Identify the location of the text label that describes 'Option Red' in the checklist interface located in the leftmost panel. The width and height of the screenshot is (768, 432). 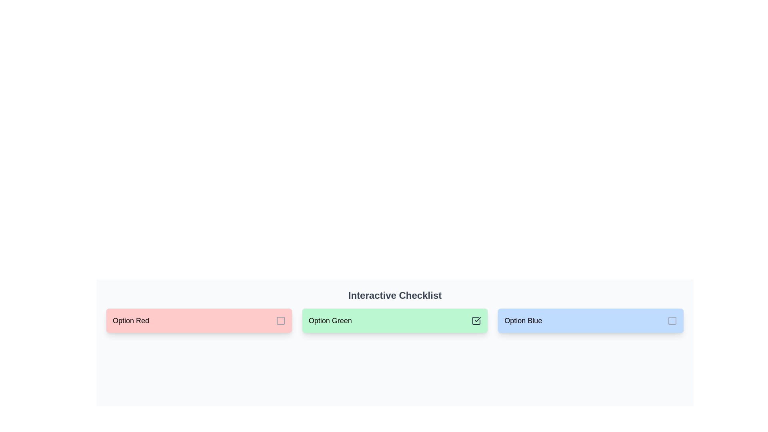
(131, 320).